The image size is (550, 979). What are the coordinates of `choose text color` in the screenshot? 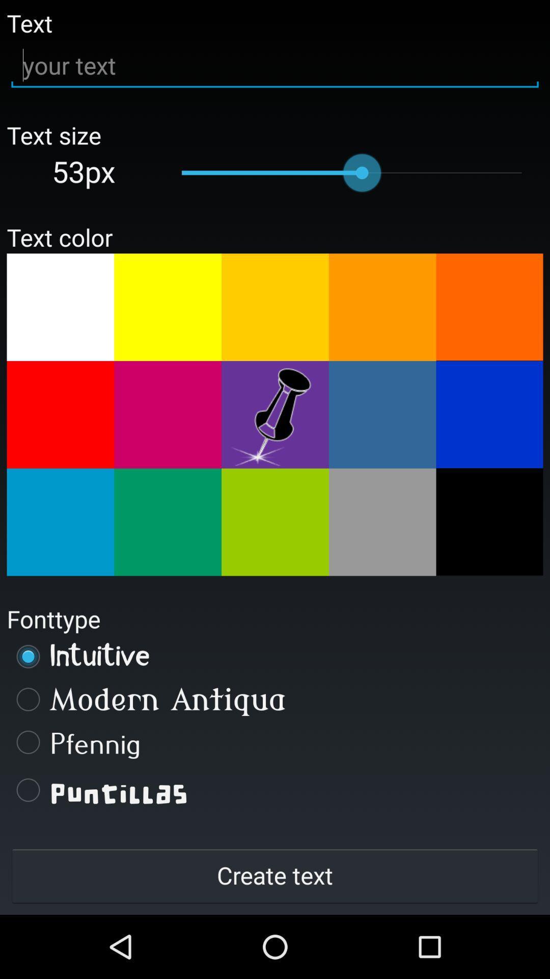 It's located at (167, 522).